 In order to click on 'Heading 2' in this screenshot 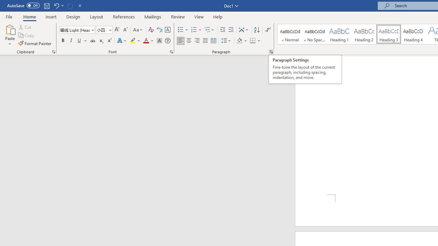, I will do `click(363, 34)`.